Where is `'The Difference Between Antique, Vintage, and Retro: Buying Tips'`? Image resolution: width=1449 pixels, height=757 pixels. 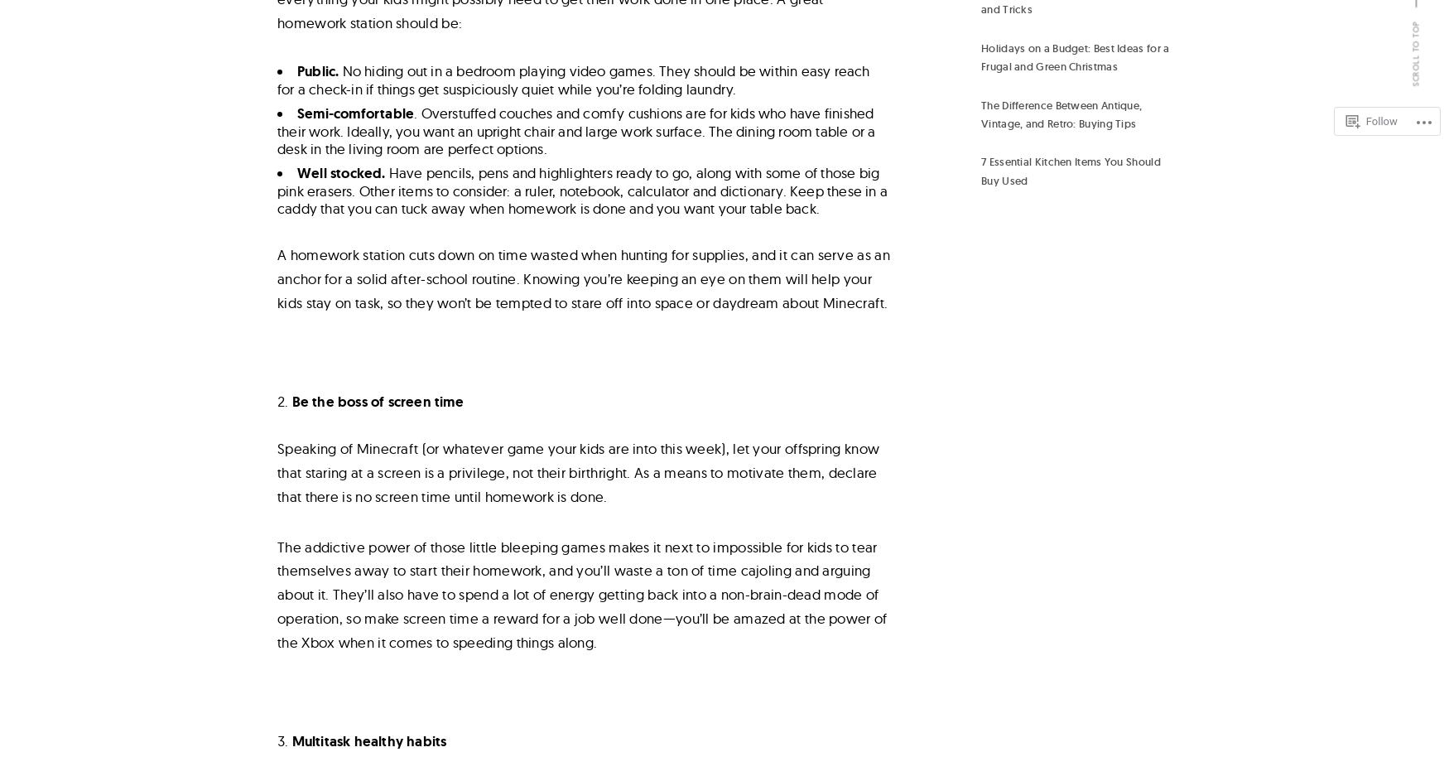
'The Difference Between Antique, Vintage, and Retro: Buying Tips' is located at coordinates (980, 113).